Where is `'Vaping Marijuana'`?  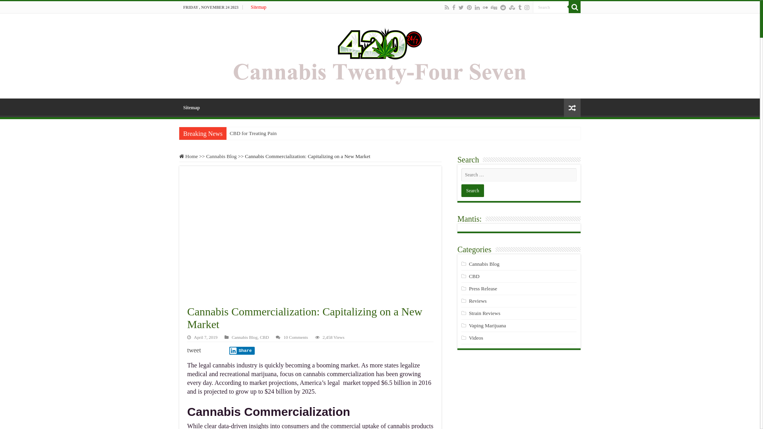
'Vaping Marijuana' is located at coordinates (469, 325).